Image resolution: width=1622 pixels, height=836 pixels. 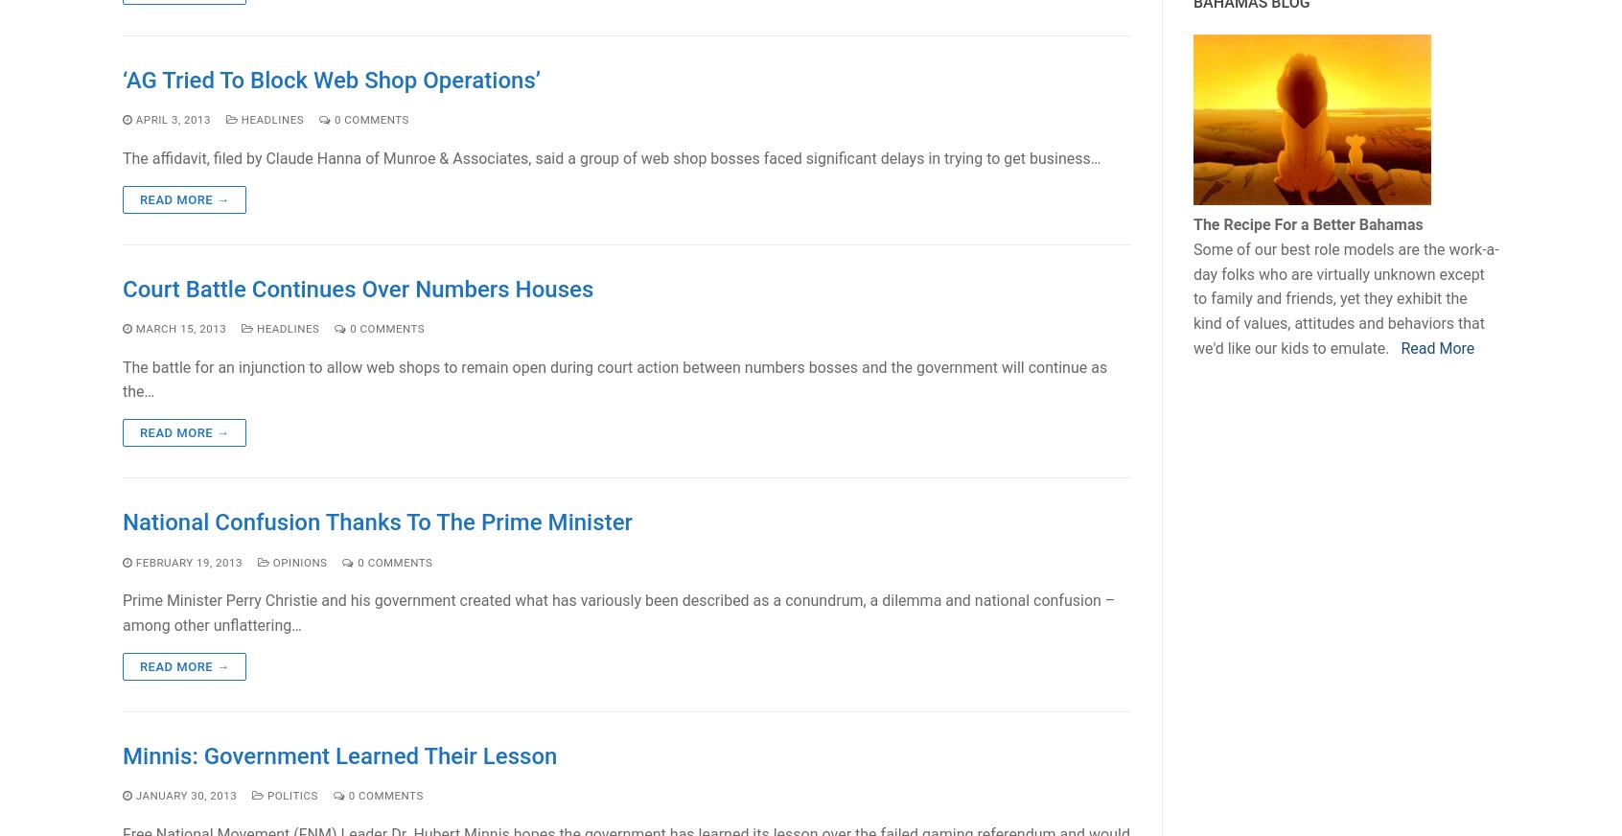 I want to click on 'Prime Minister Perry Christie and his government created what has variously been described as a conundrum, a dilemma and national confusion – among other unflattering…', so click(x=123, y=613).